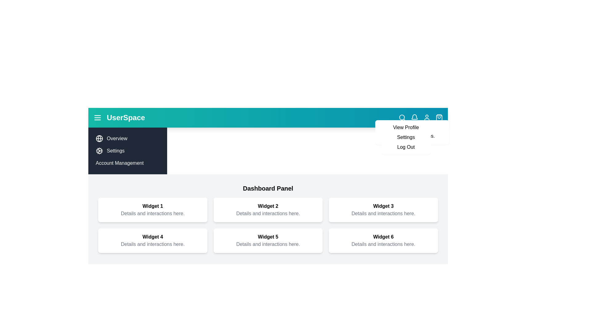 This screenshot has width=591, height=332. What do you see at coordinates (99, 139) in the screenshot?
I see `the circular globe icon with a minimalist outline design located in the left sidebar navigation menu, adjacent to the 'Overview' text label` at bounding box center [99, 139].